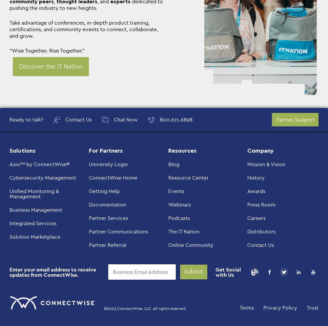 This screenshot has width=328, height=326. What do you see at coordinates (53, 272) in the screenshot?
I see `'Enter your email address to receive updates from ConnectWise.'` at bounding box center [53, 272].